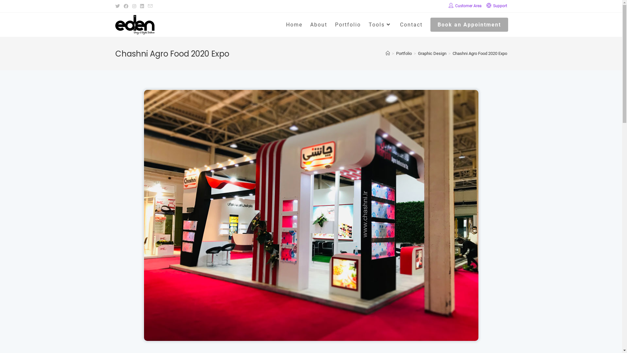 The height and width of the screenshot is (353, 627). Describe the element at coordinates (262, 243) in the screenshot. I see `'Stationary Design'` at that location.